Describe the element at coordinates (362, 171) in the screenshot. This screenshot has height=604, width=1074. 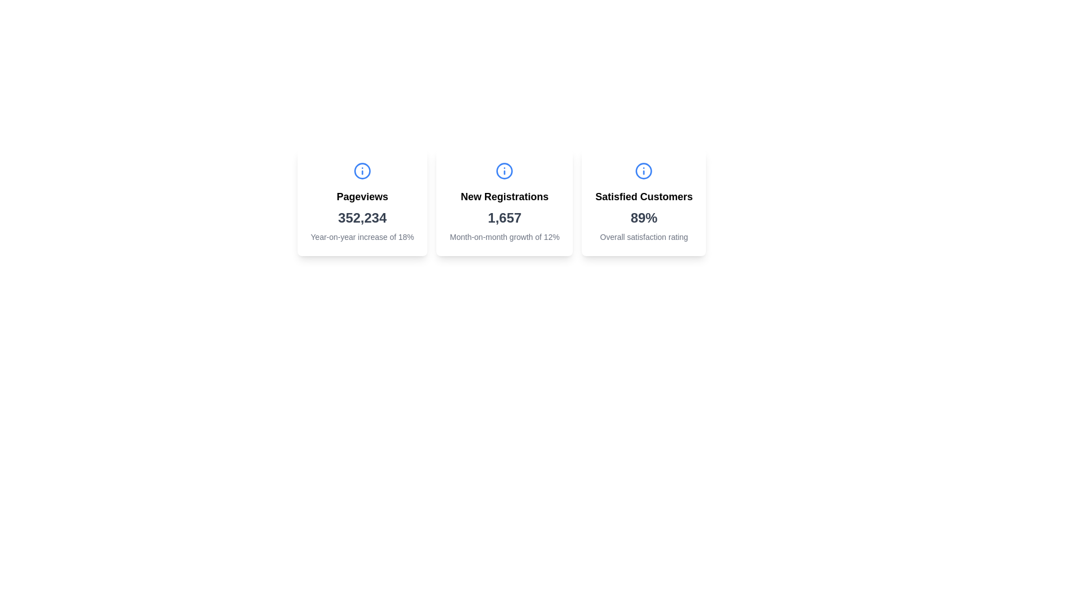
I see `the decorative circular graphic within the SVG icon located at the top of the leftmost card in a row of three cards, which enhances the appearance of the statistical information below` at that location.